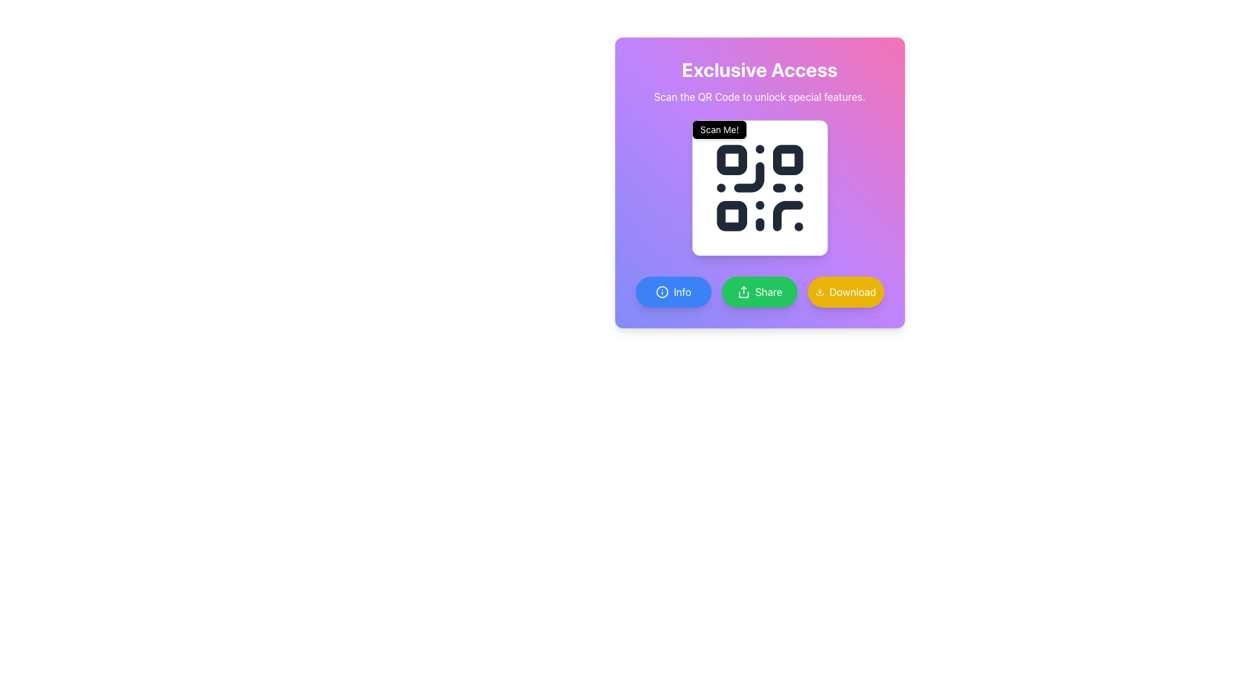 Image resolution: width=1242 pixels, height=698 pixels. I want to click on the group of interactive buttons located horizontally centered in the bottom section of the card-like component, directly below the QR code, so click(759, 291).